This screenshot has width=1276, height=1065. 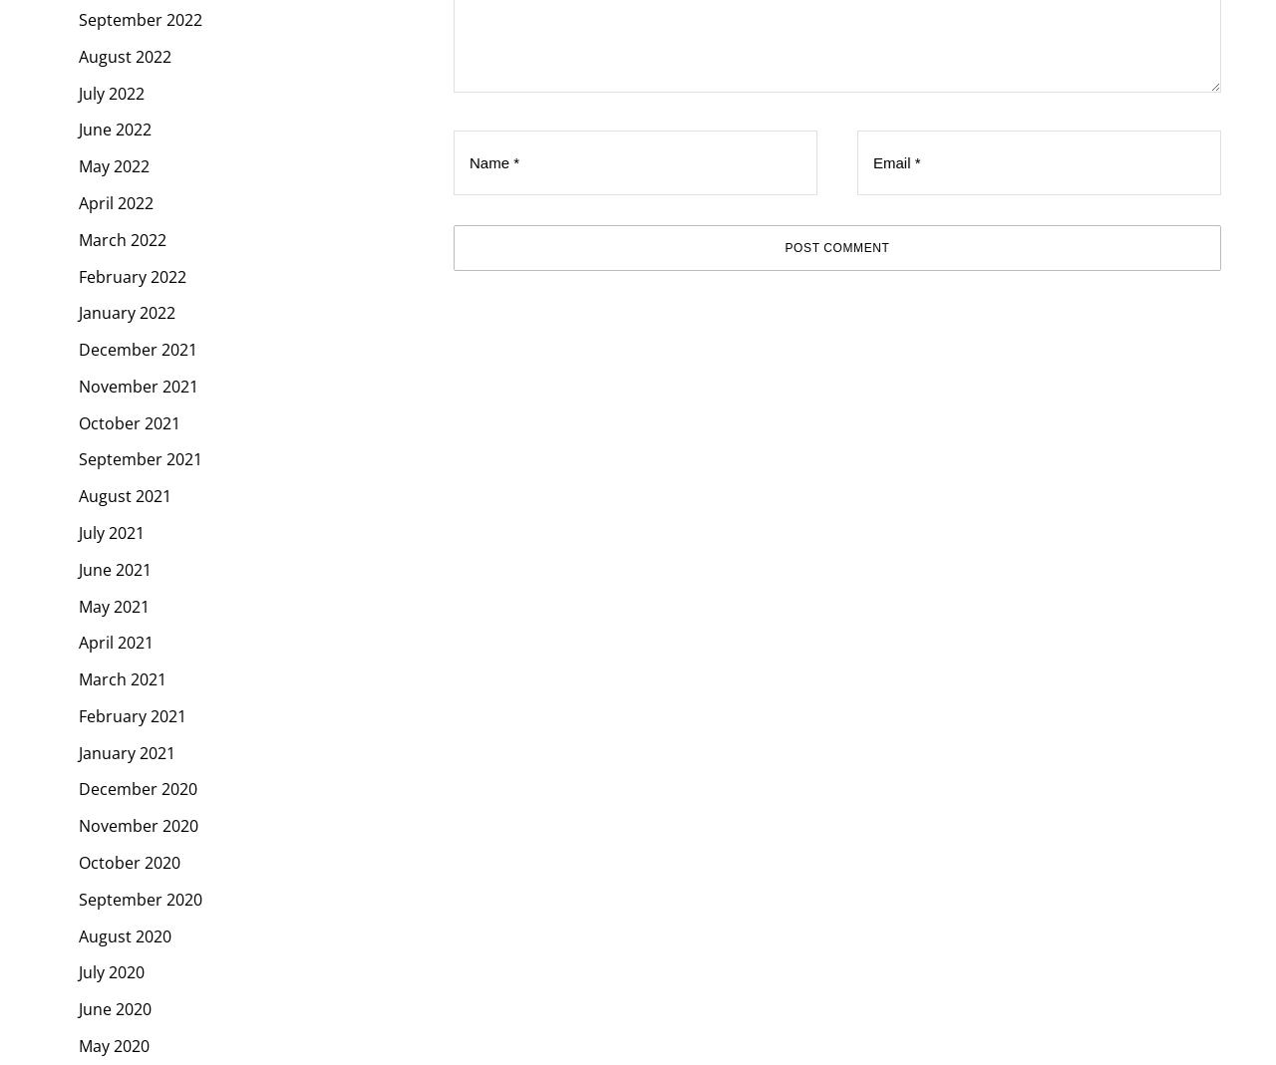 What do you see at coordinates (114, 129) in the screenshot?
I see `'June 2022'` at bounding box center [114, 129].